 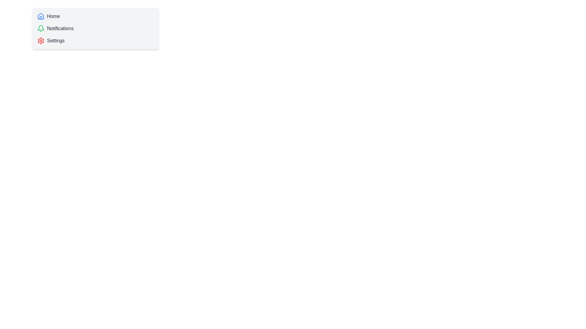 I want to click on the blue house icon representing 'Home', which is the leftmost element in the horizontal layout of the menu, so click(x=41, y=16).